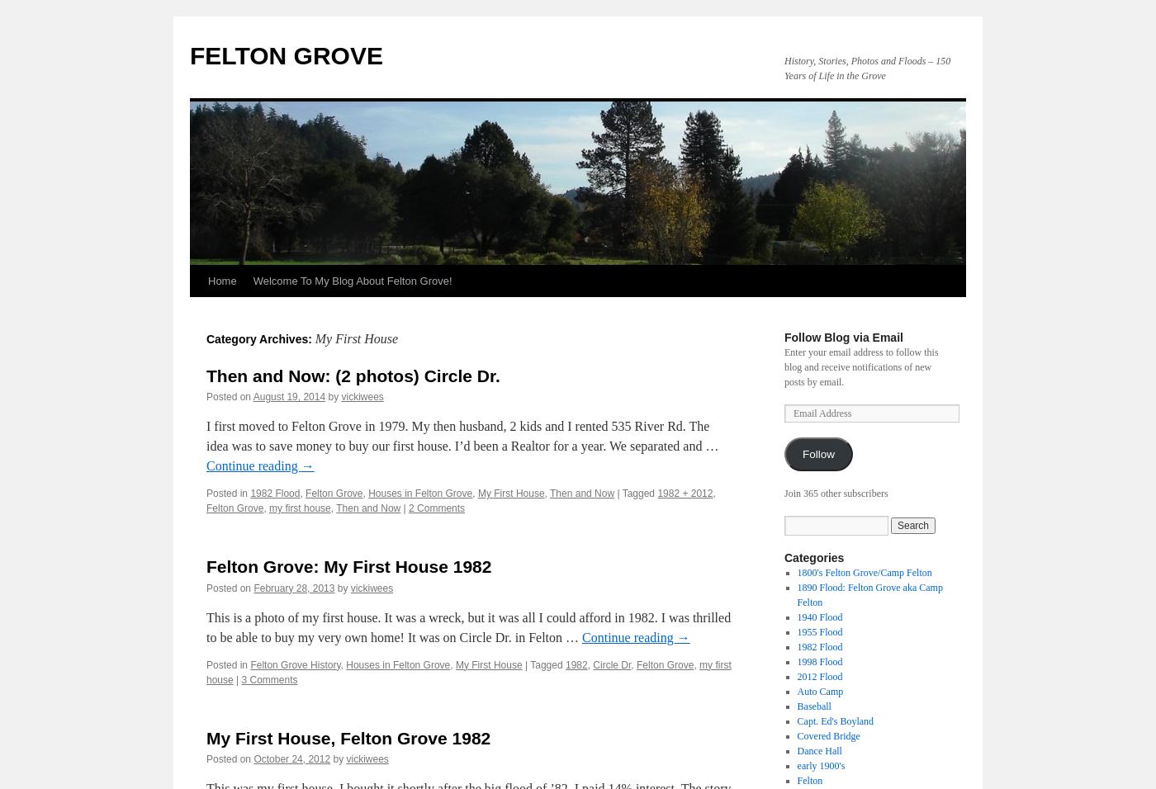 The width and height of the screenshot is (1156, 789). I want to click on '1982 + 2012', so click(657, 492).